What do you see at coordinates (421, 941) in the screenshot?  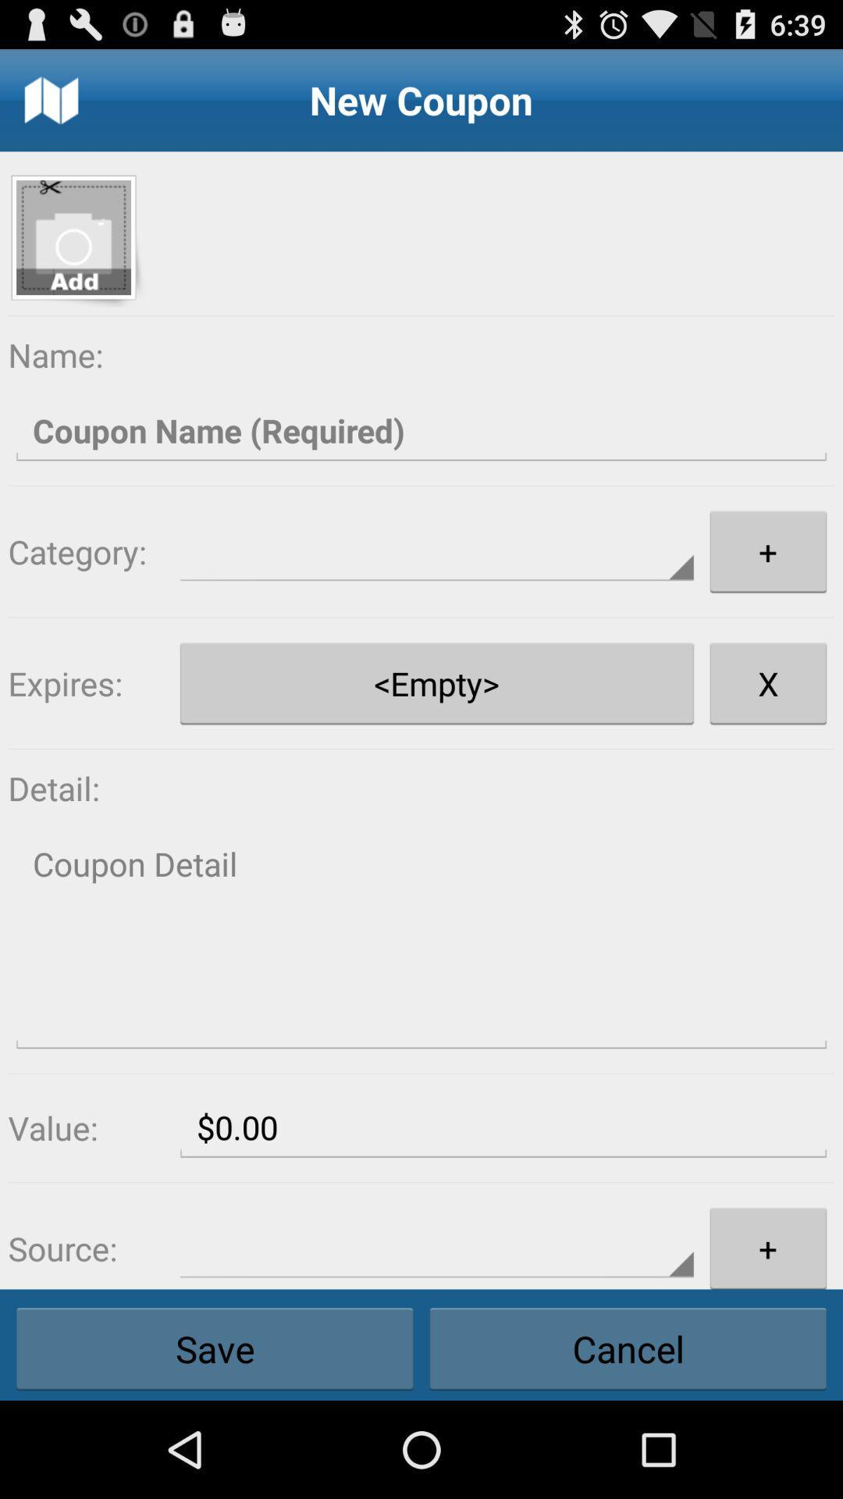 I see `coupon page` at bounding box center [421, 941].